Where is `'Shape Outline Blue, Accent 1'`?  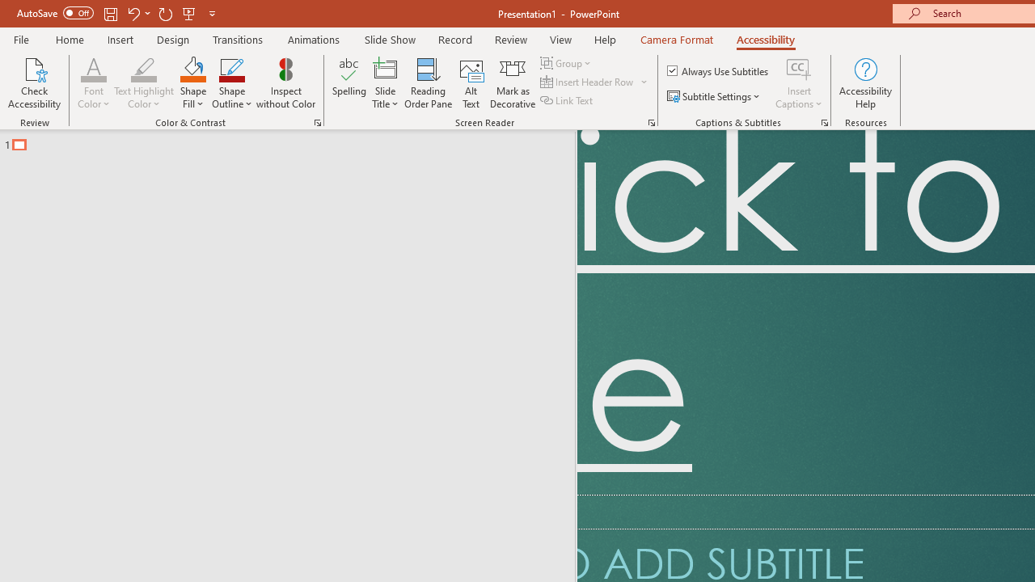
'Shape Outline Blue, Accent 1' is located at coordinates (231, 68).